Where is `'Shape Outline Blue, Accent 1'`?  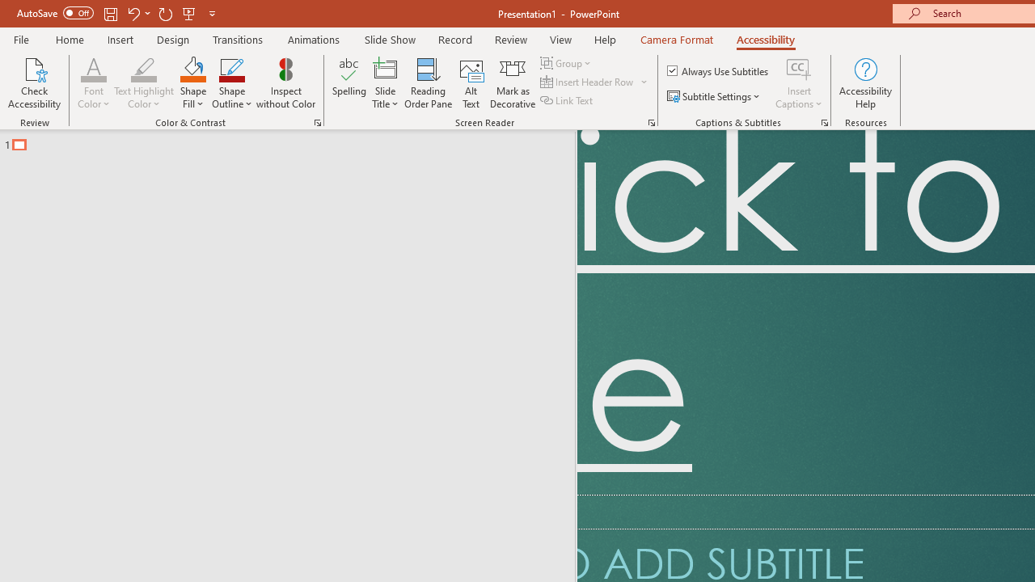
'Shape Outline Blue, Accent 1' is located at coordinates (231, 68).